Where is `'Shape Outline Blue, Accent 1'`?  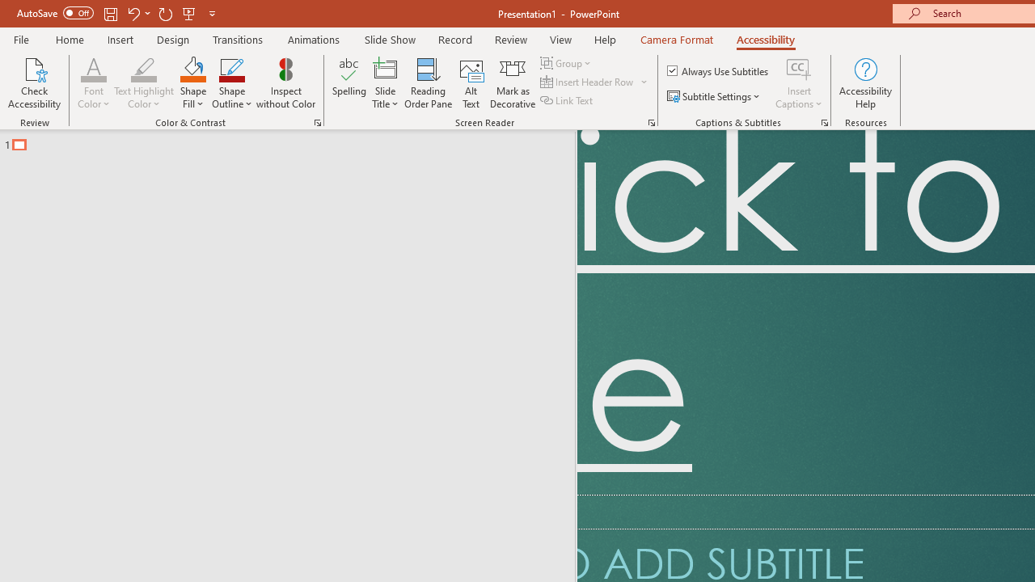
'Shape Outline Blue, Accent 1' is located at coordinates (231, 68).